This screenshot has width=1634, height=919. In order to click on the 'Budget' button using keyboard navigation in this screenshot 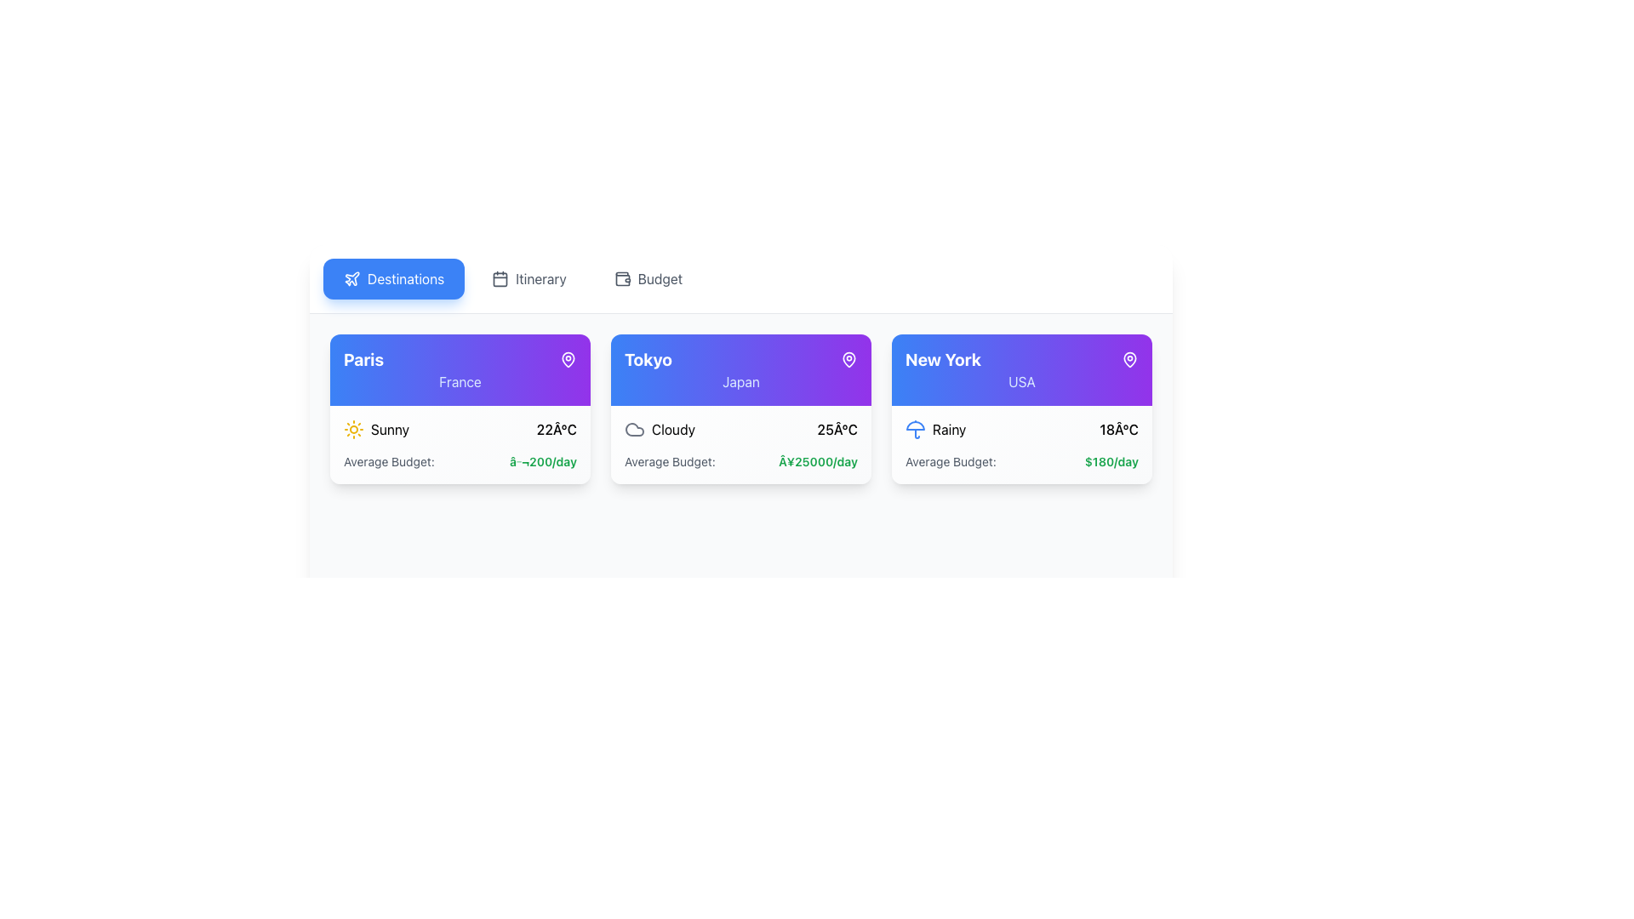, I will do `click(647, 277)`.